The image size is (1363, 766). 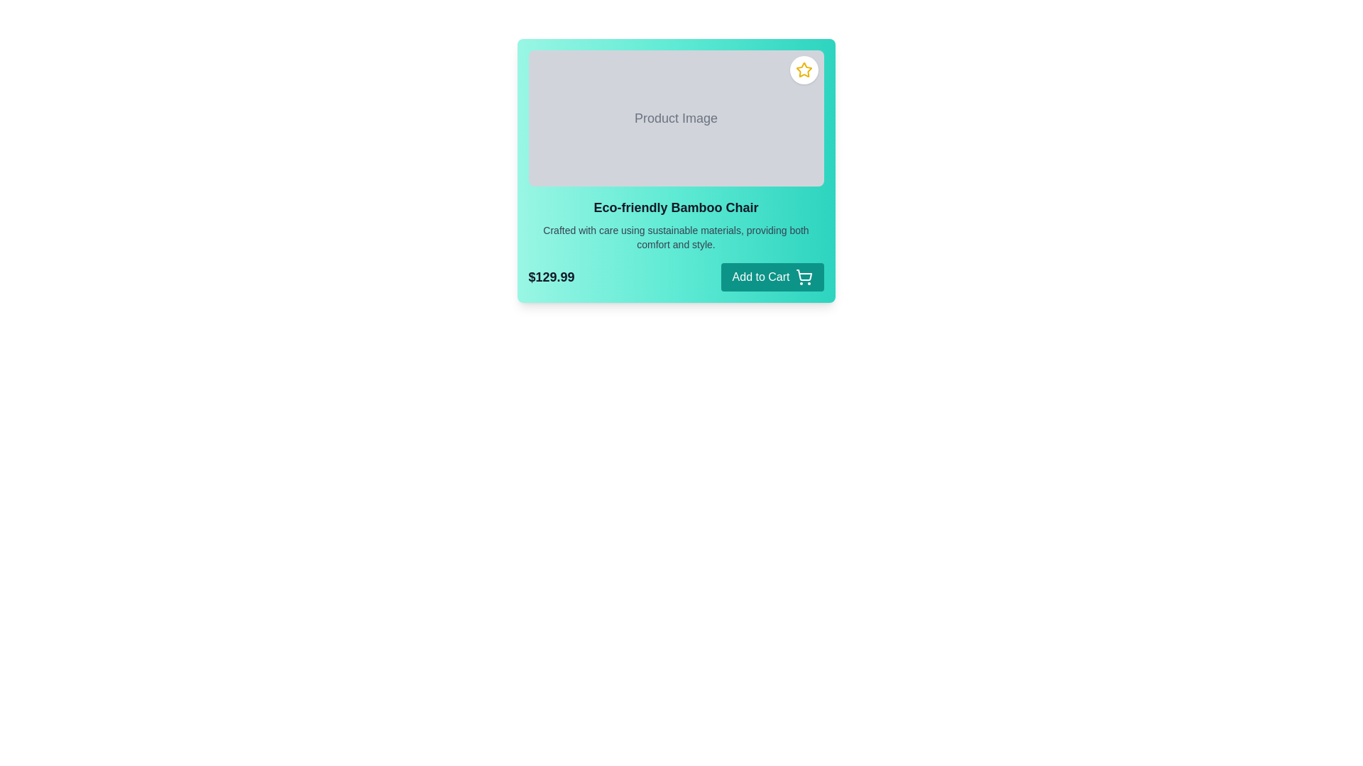 What do you see at coordinates (804, 70) in the screenshot?
I see `the star icon with a yellow color and hollow center, located in the top-right corner of the product display card` at bounding box center [804, 70].